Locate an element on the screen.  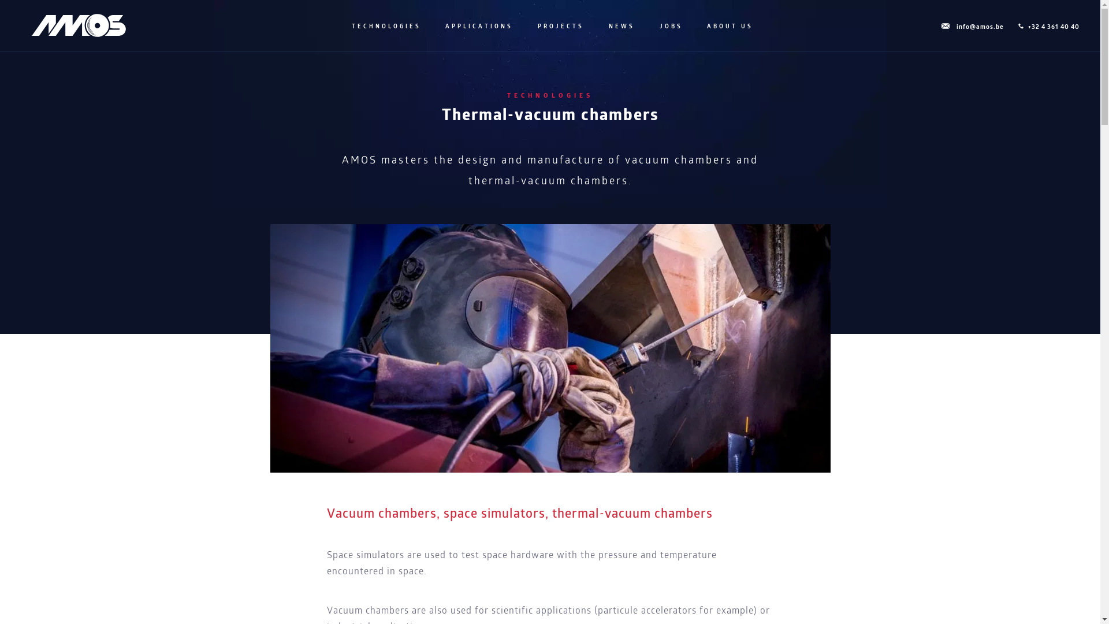
'+32 4 361 40 40' is located at coordinates (1015, 27).